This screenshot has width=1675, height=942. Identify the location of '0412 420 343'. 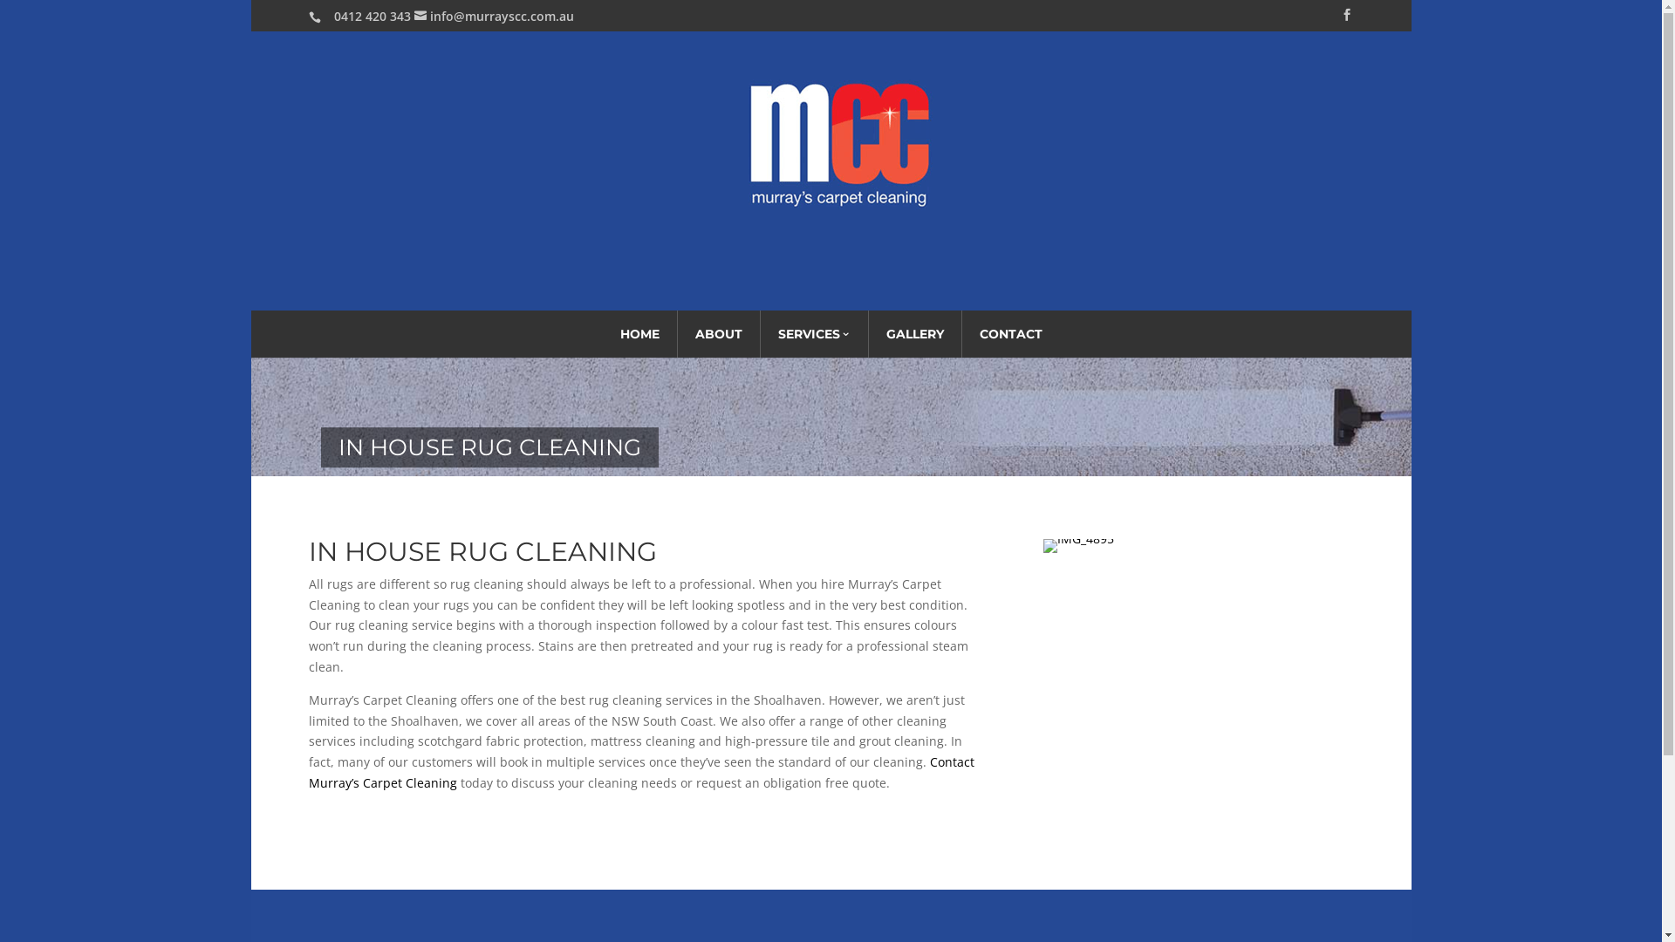
(372, 15).